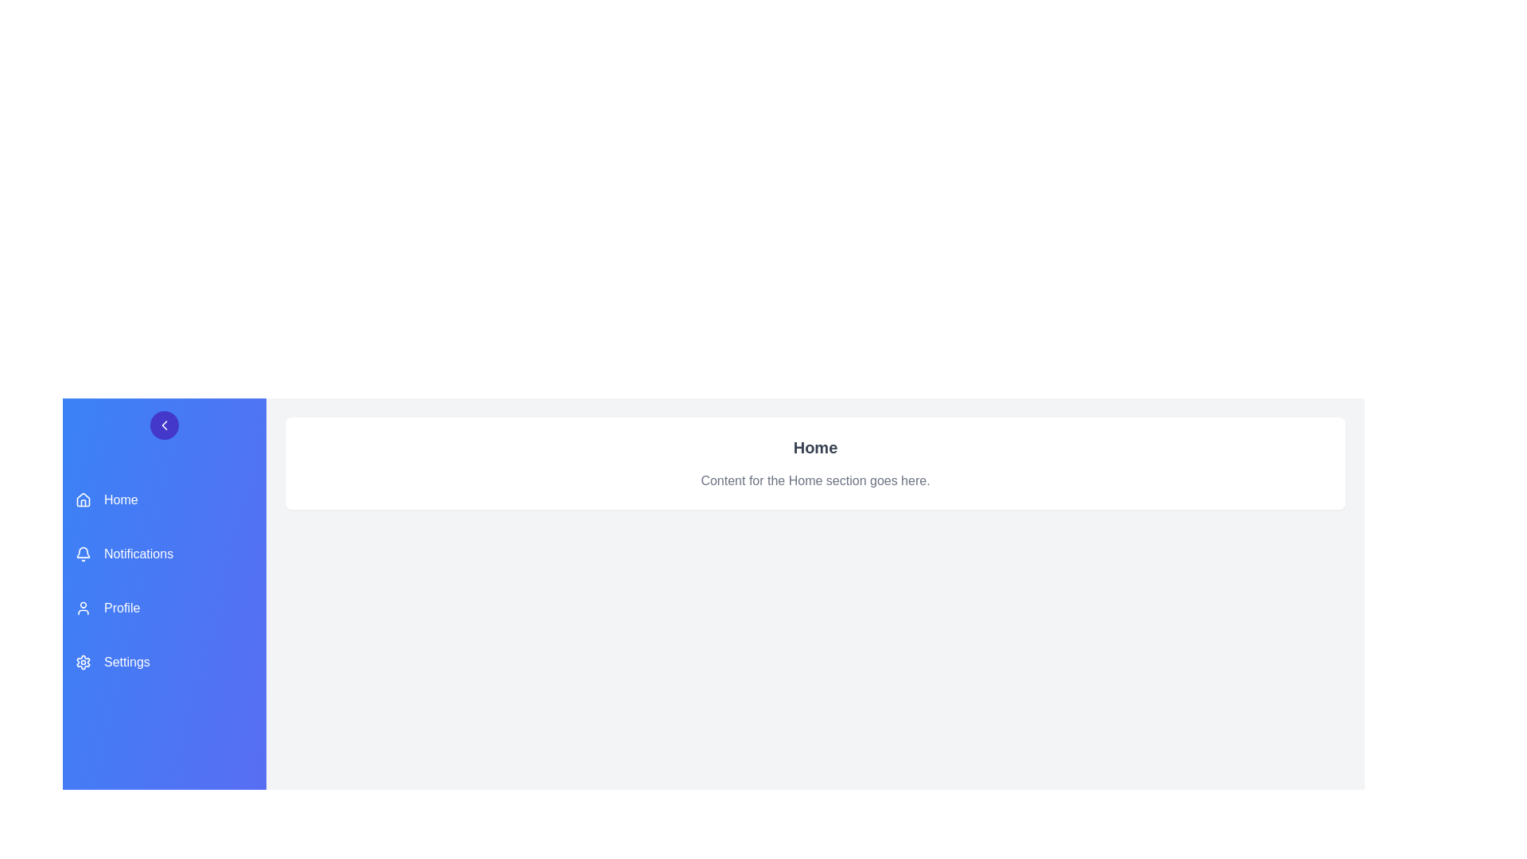 Image resolution: width=1527 pixels, height=859 pixels. I want to click on the 'Settings' text label located in the bottom part of the left sidebar menu, which is directly following the 'Profile' menu item, so click(126, 663).